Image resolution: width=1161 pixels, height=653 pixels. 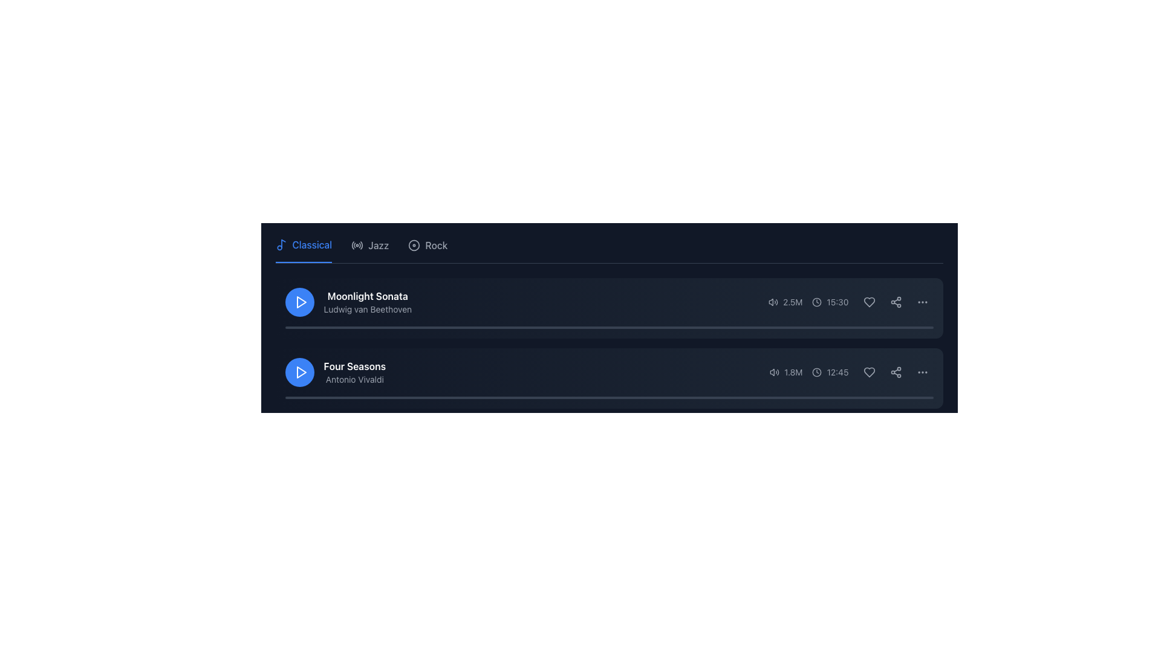 I want to click on text label that serves as the title for the music track, positioned above the 'Antonio Vivaldi' label and below the 'Moonlight Sonata' entry, so click(x=354, y=365).